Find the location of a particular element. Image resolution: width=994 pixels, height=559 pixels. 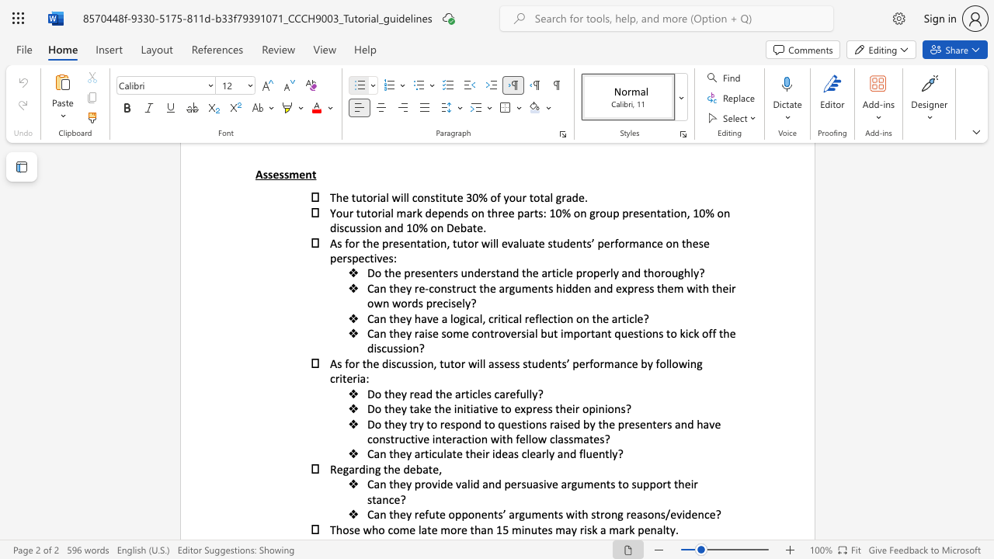

the 1th character "o" in the text is located at coordinates (345, 528).